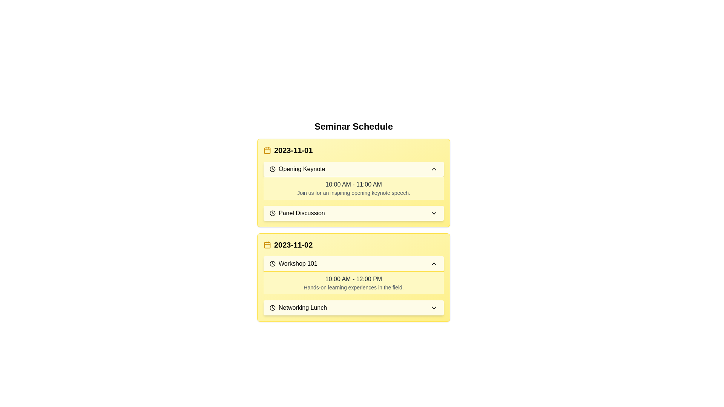 The width and height of the screenshot is (724, 407). I want to click on the upward-pointing chevron icon/button located at the far-right side of the 'Workshop 101' section, so click(434, 263).